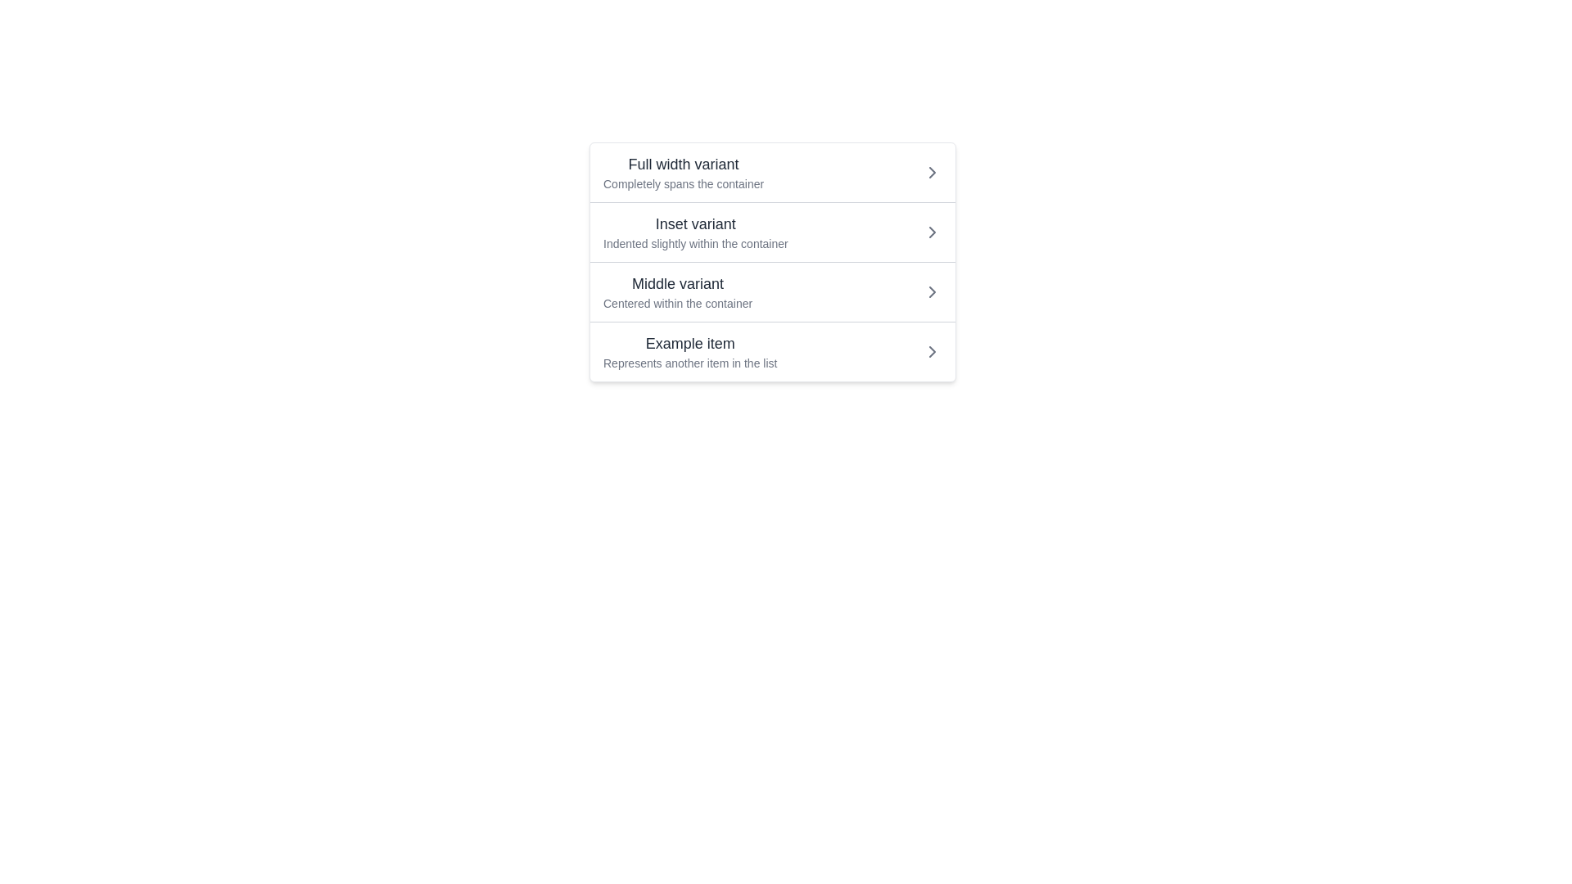 This screenshot has width=1572, height=884. Describe the element at coordinates (695, 232) in the screenshot. I see `the second item in the vertical list, which serves as a label providing a title and description for a selectable option` at that location.